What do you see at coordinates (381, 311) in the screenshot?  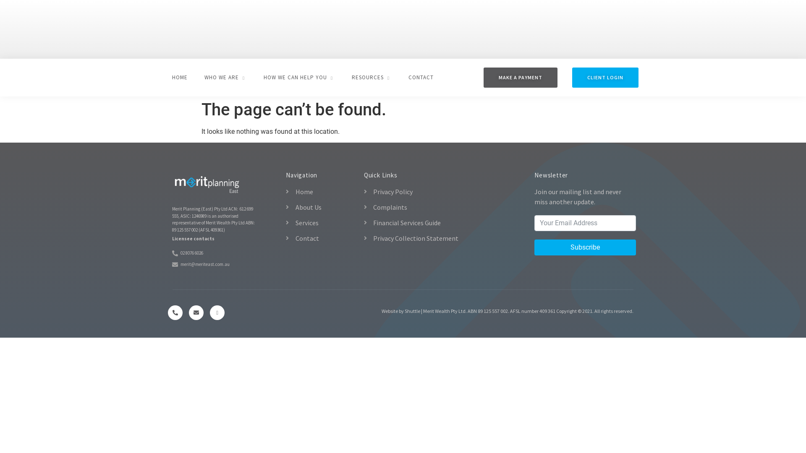 I see `'Website by Shuttle'` at bounding box center [381, 311].